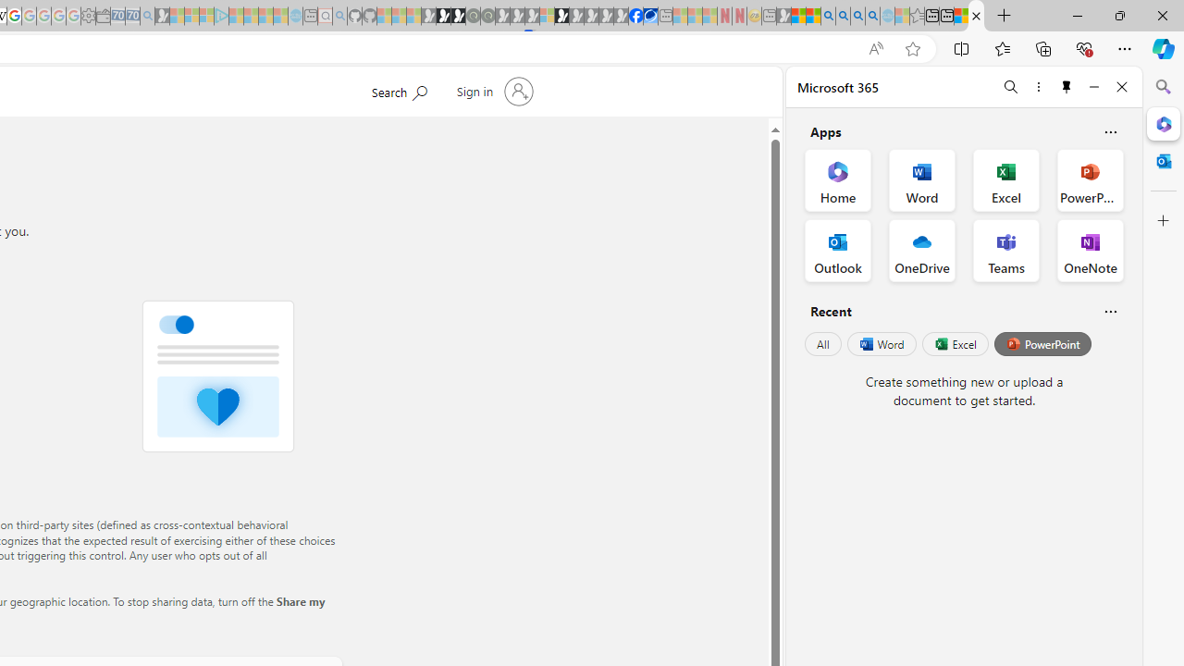  Describe the element at coordinates (1067, 86) in the screenshot. I see `'Unpin side pane'` at that location.